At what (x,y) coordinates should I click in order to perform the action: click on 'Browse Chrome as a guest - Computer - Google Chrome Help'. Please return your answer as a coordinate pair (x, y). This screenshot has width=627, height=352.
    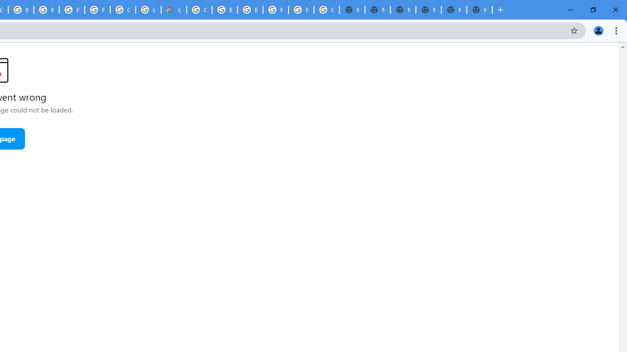
    Looking at the image, I should click on (224, 10).